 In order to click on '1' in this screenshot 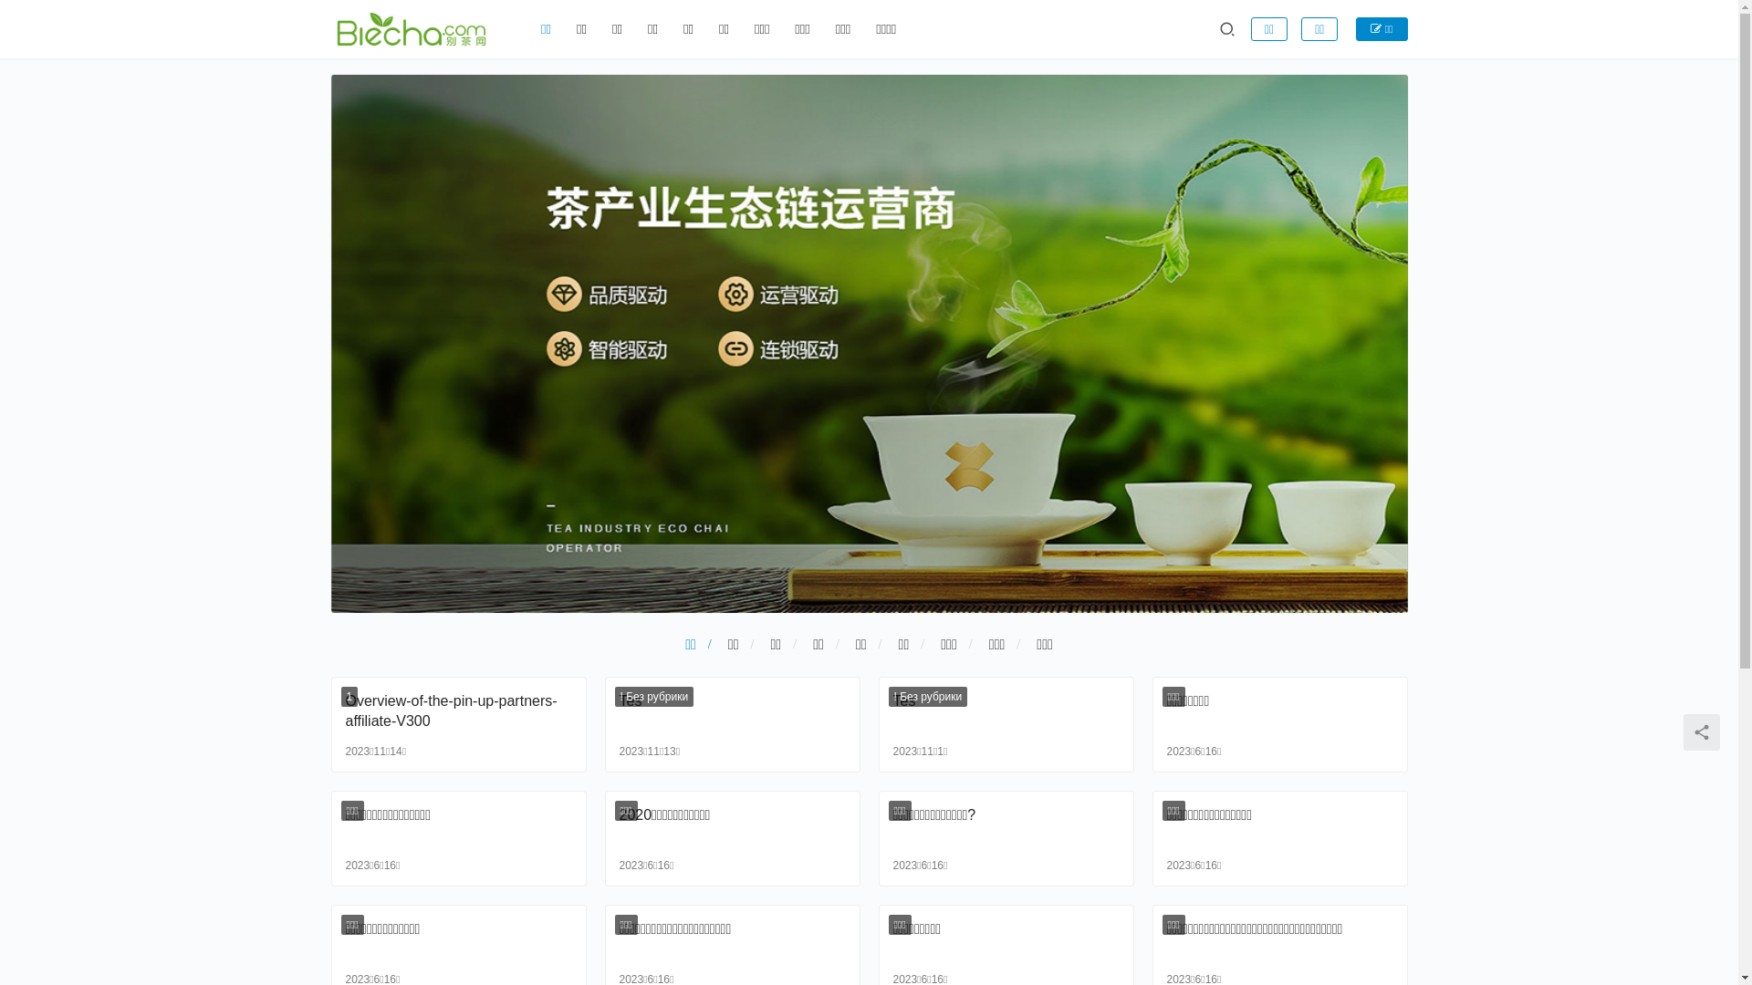, I will do `click(349, 696)`.